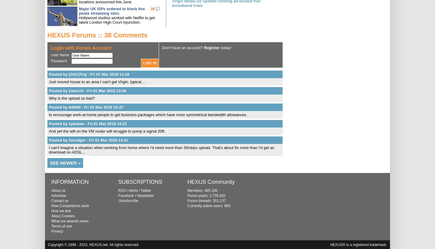  I want to click on 'INFORMATION', so click(70, 182).